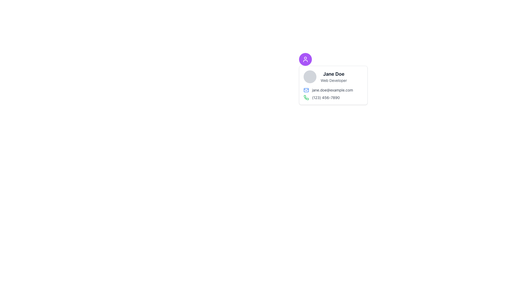  Describe the element at coordinates (333, 80) in the screenshot. I see `the 'Web Developer' text label, which is styled in a small gray font and located below the bolded text 'Jane Doe' within a card layout` at that location.